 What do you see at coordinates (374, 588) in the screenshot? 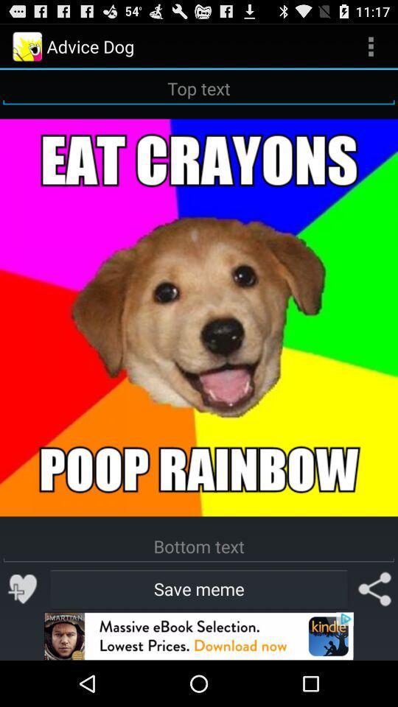
I see `share link` at bounding box center [374, 588].